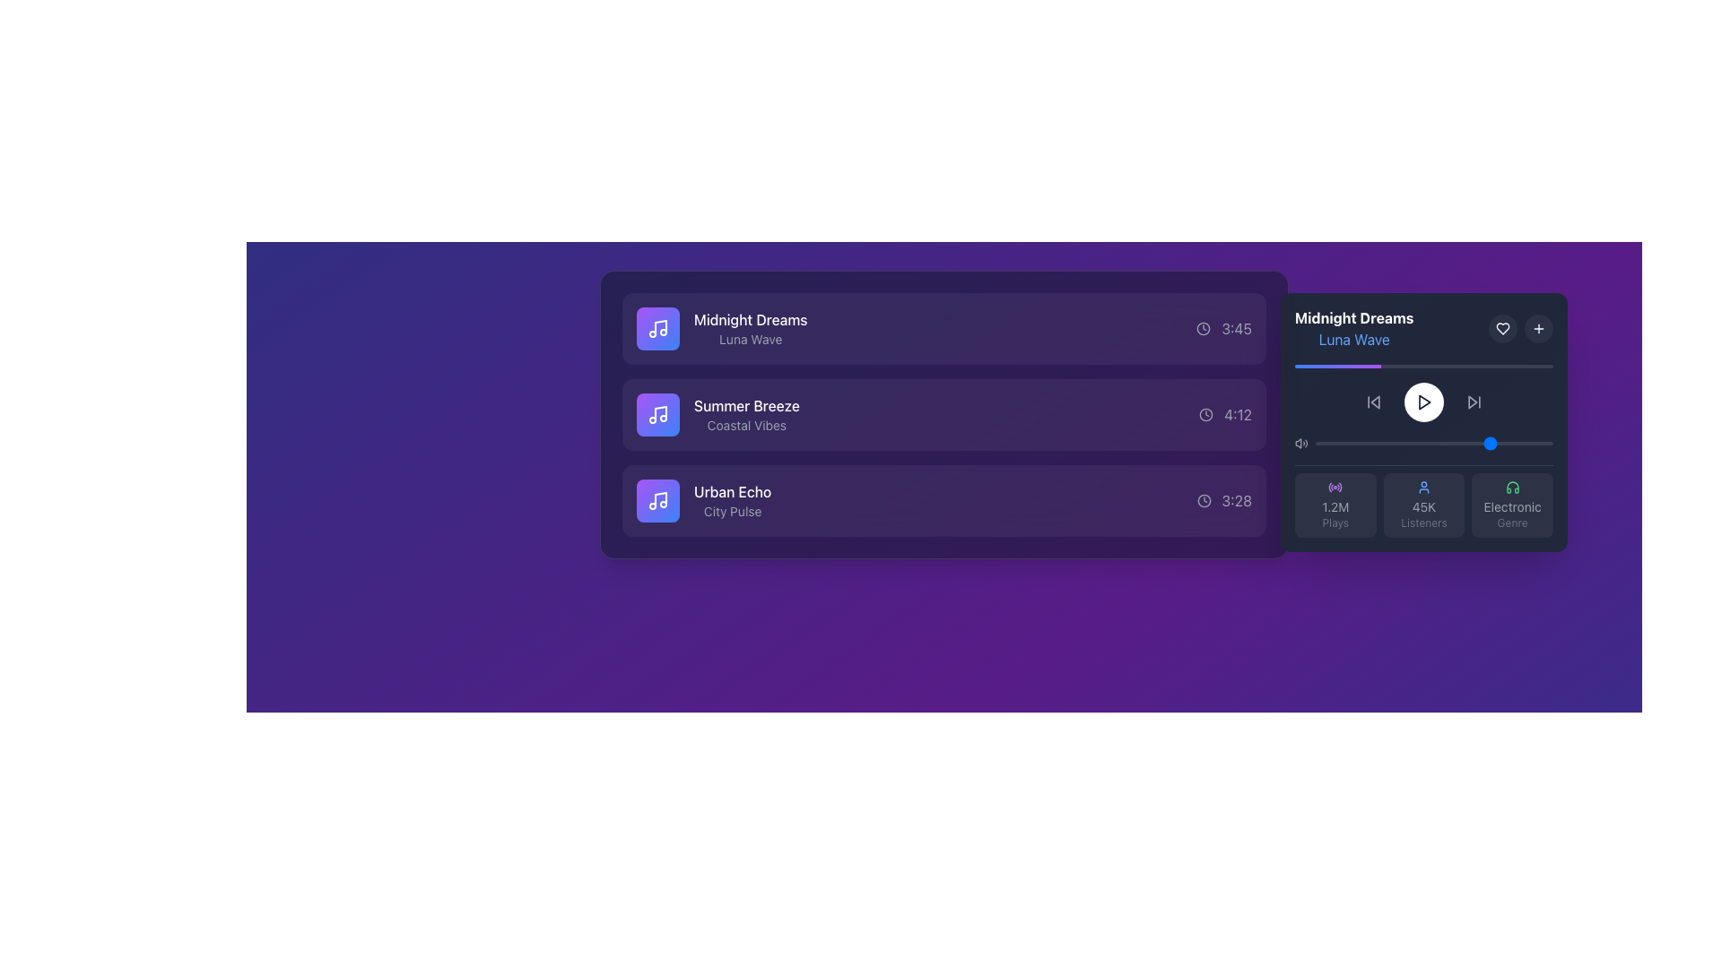 This screenshot has width=1722, height=968. What do you see at coordinates (1423, 401) in the screenshot?
I see `the Play button, which is centrally located in the row of media controls` at bounding box center [1423, 401].